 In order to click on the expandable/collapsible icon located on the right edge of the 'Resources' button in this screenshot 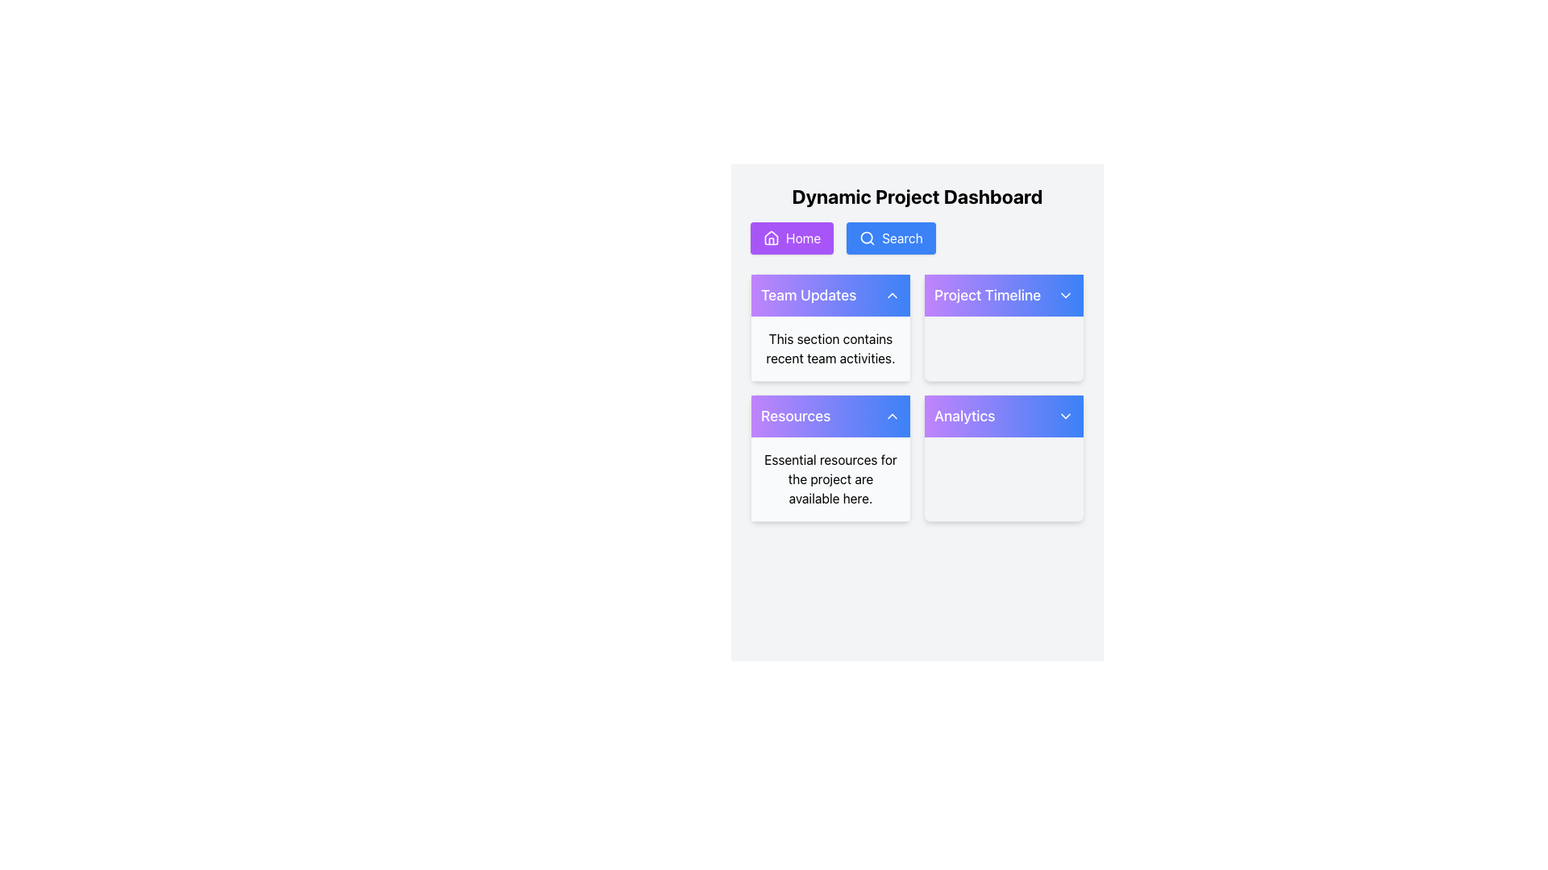, I will do `click(892, 415)`.